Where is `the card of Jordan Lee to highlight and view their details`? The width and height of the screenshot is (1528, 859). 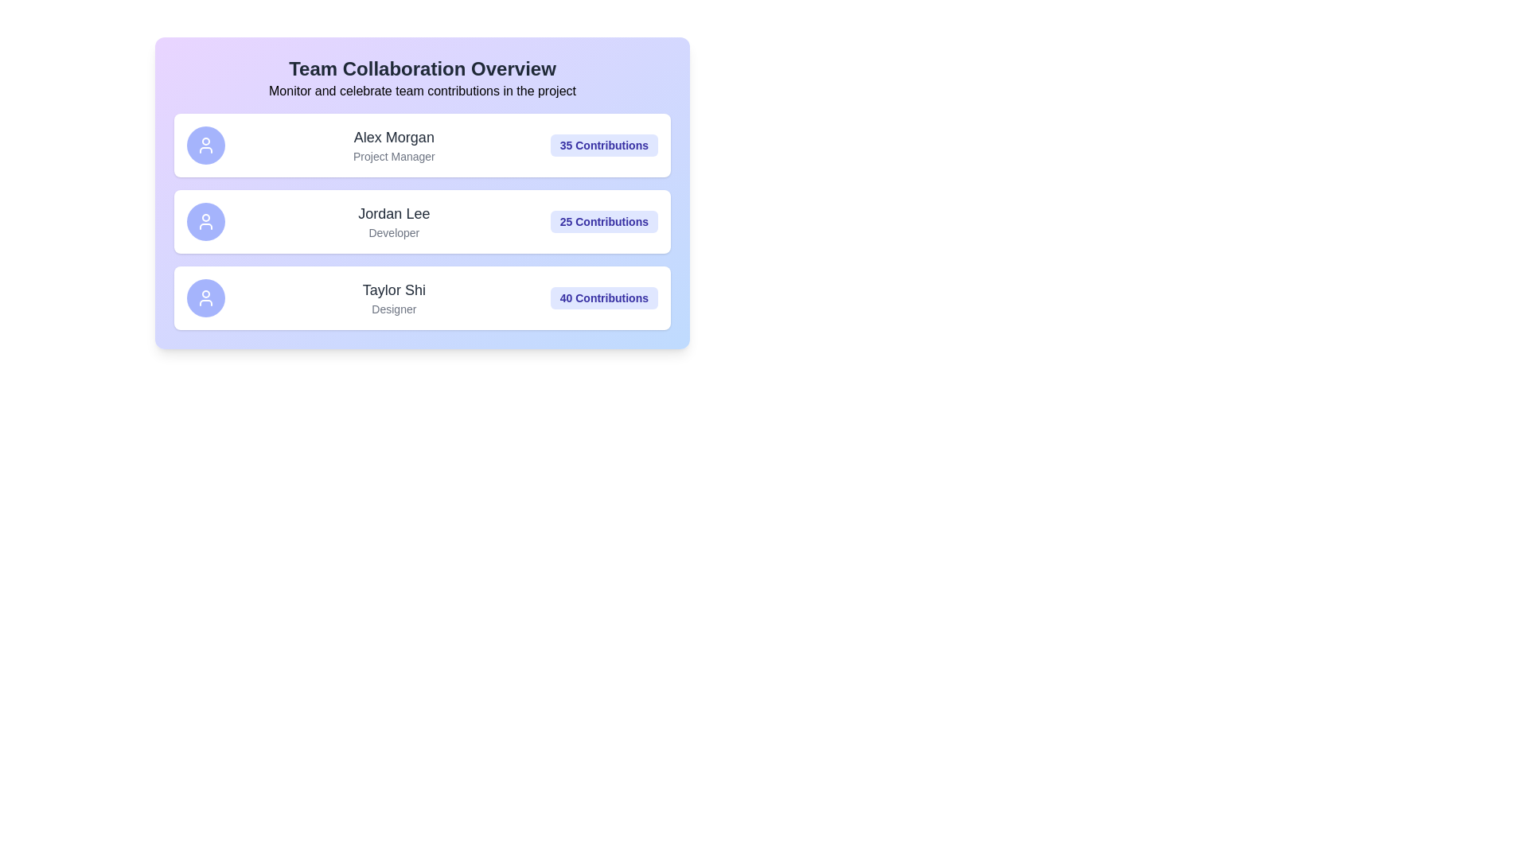
the card of Jordan Lee to highlight and view their details is located at coordinates (423, 221).